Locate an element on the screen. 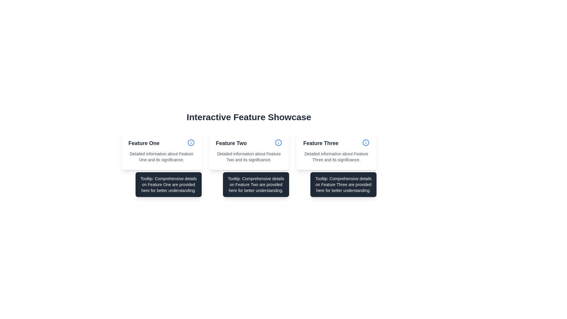 The image size is (567, 319). the interactive icon located at the top-right of the 'Feature Three' card, adjacent to the title 'Feature Three' is located at coordinates (365, 142).